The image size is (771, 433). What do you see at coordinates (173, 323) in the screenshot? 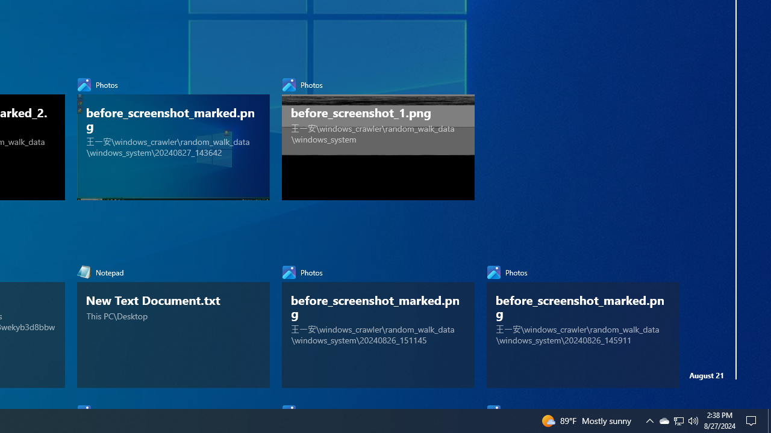
I see `'Notepad, New Text Document.txt'` at bounding box center [173, 323].